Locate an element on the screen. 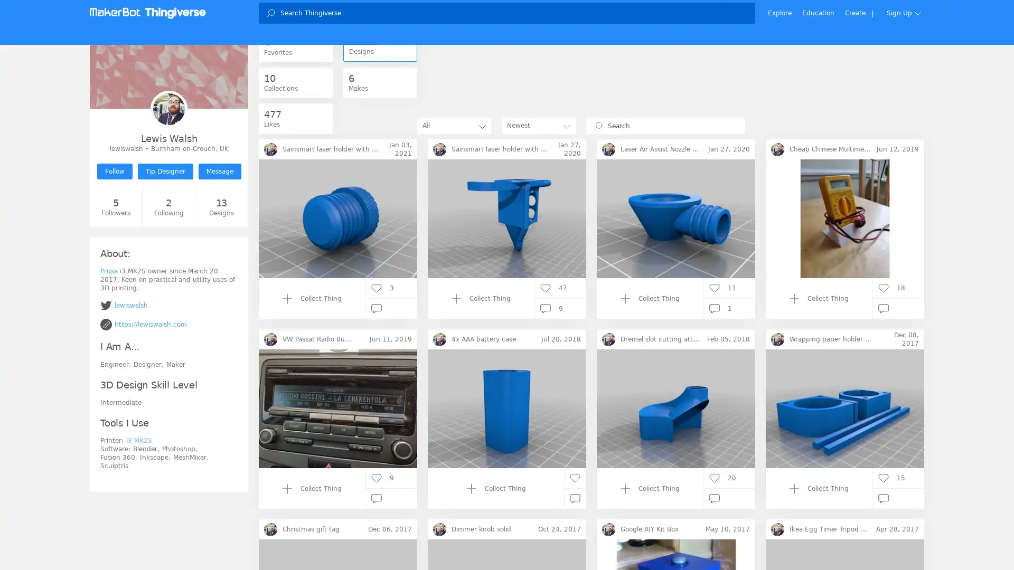  Tip Designer is located at coordinates (164, 170).